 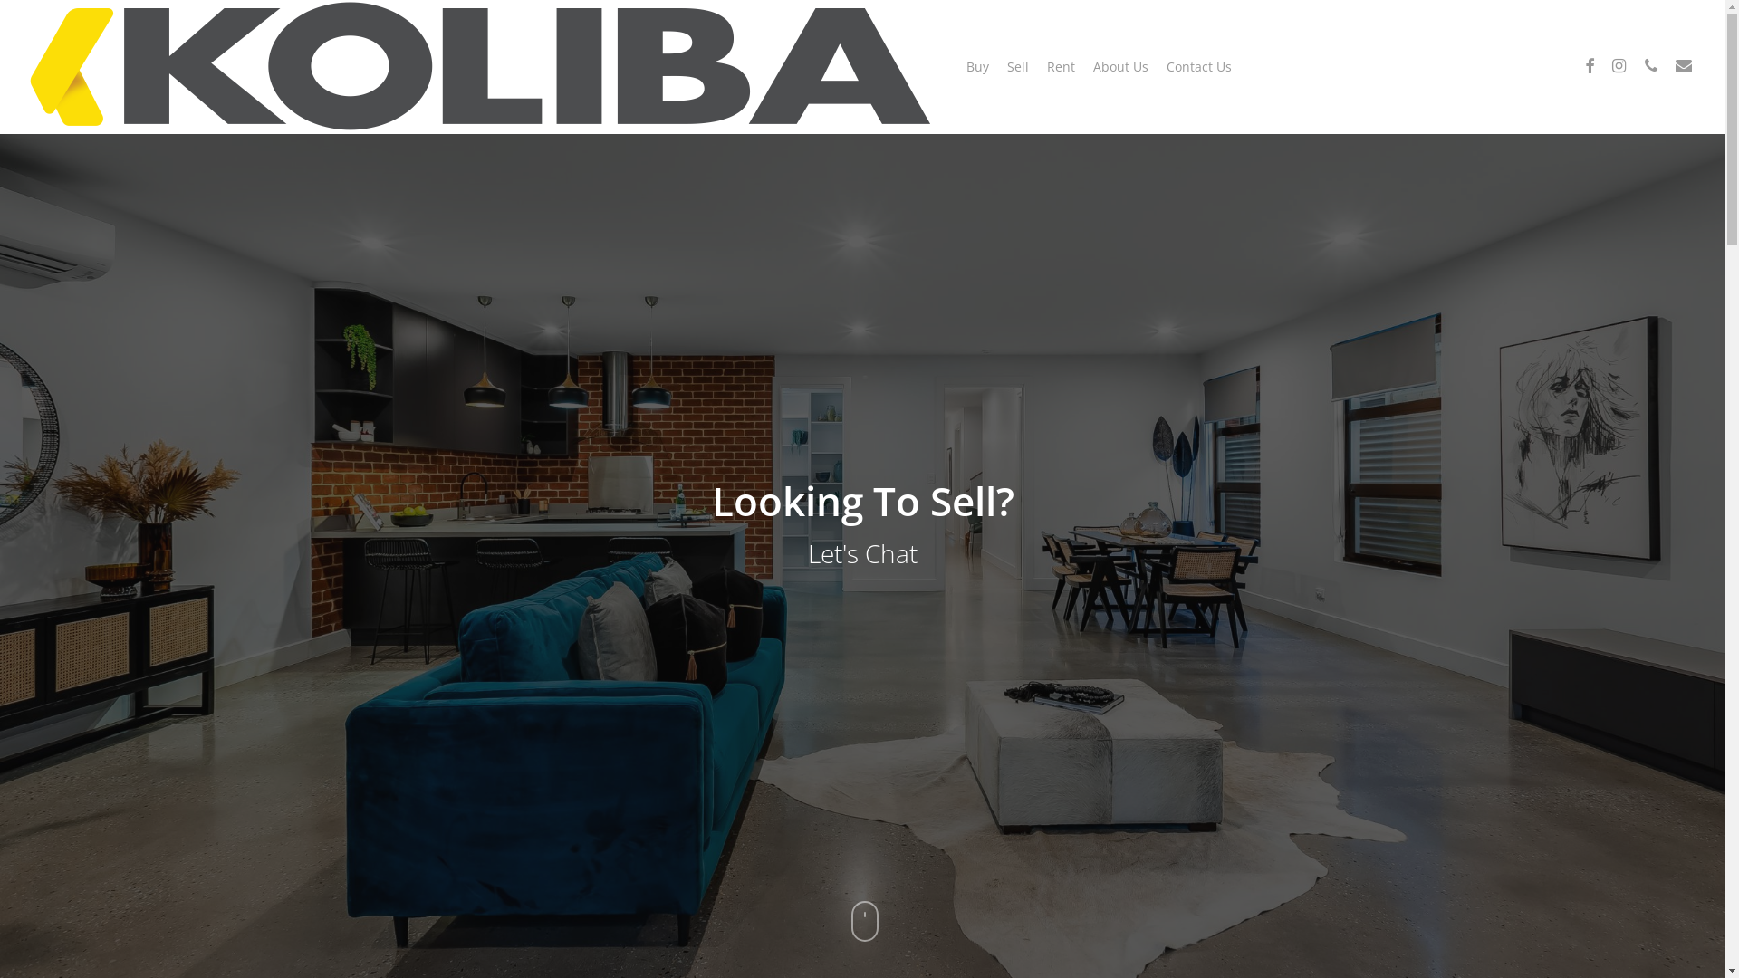 What do you see at coordinates (1199, 65) in the screenshot?
I see `'Contact Us'` at bounding box center [1199, 65].